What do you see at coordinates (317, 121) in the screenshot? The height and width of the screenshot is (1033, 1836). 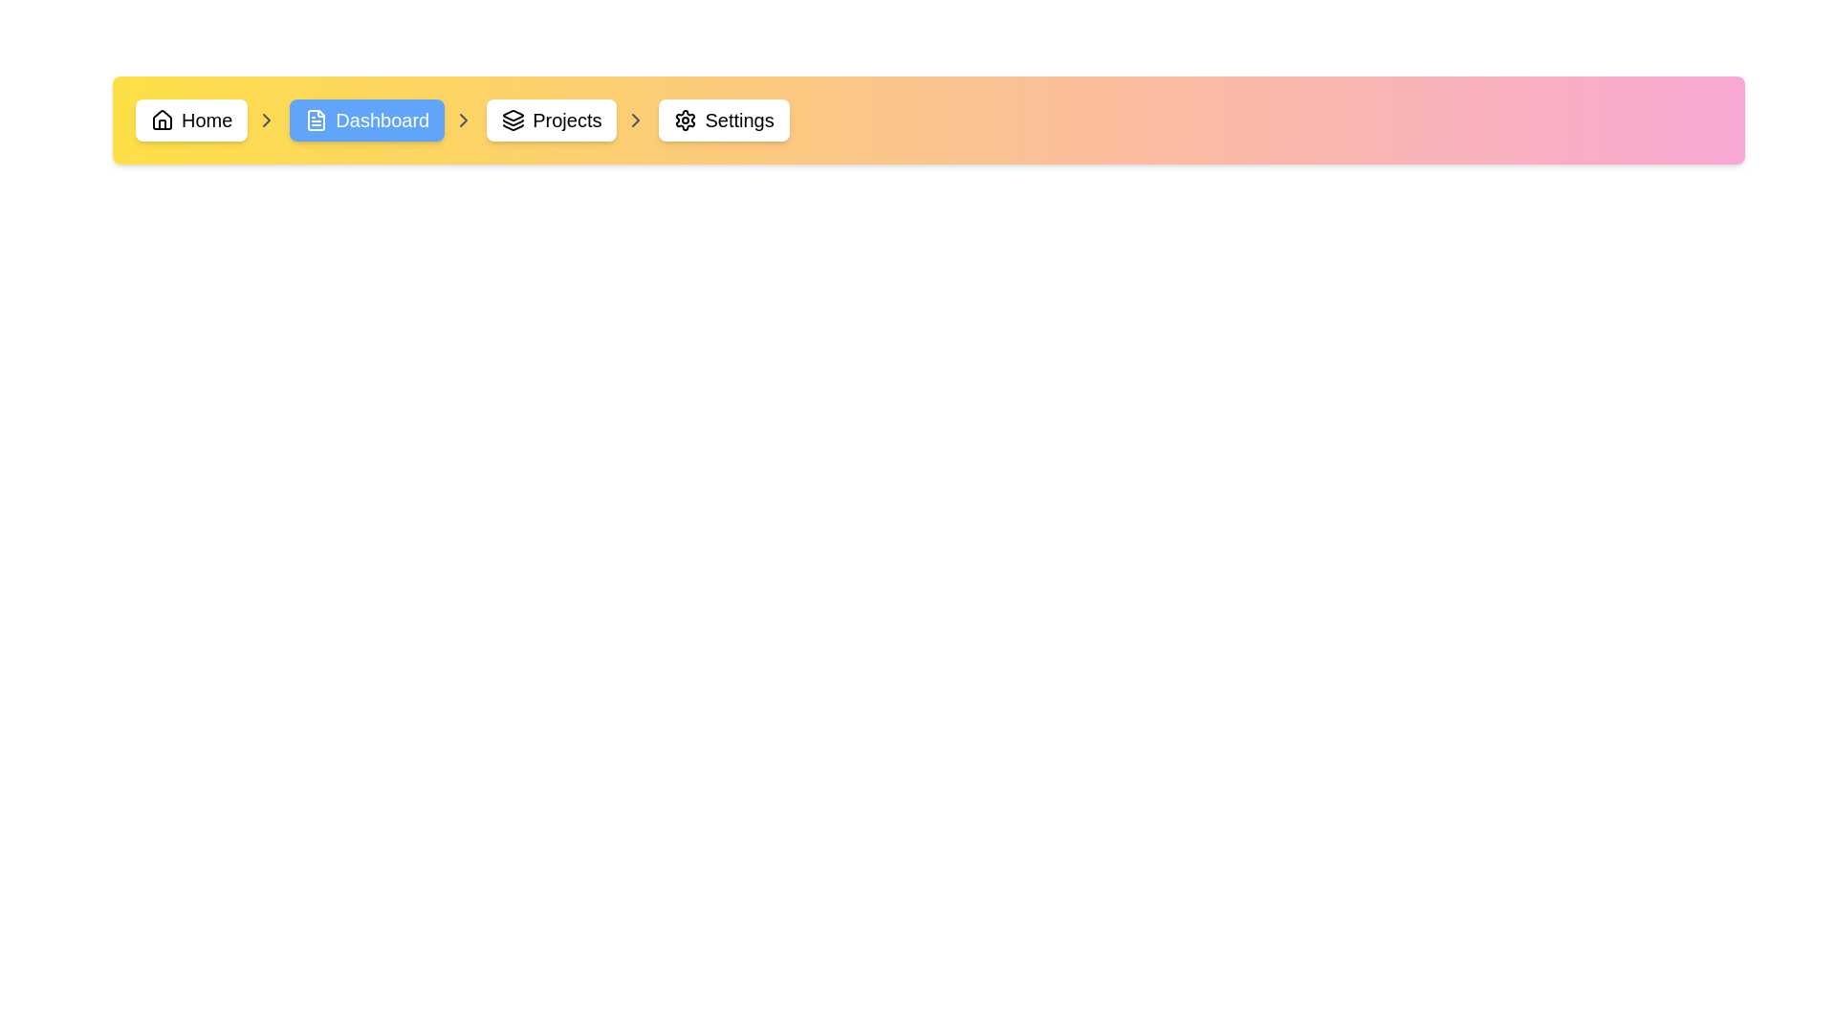 I see `the 'Dashboard' button by clicking the document icon located on the left side of the button` at bounding box center [317, 121].